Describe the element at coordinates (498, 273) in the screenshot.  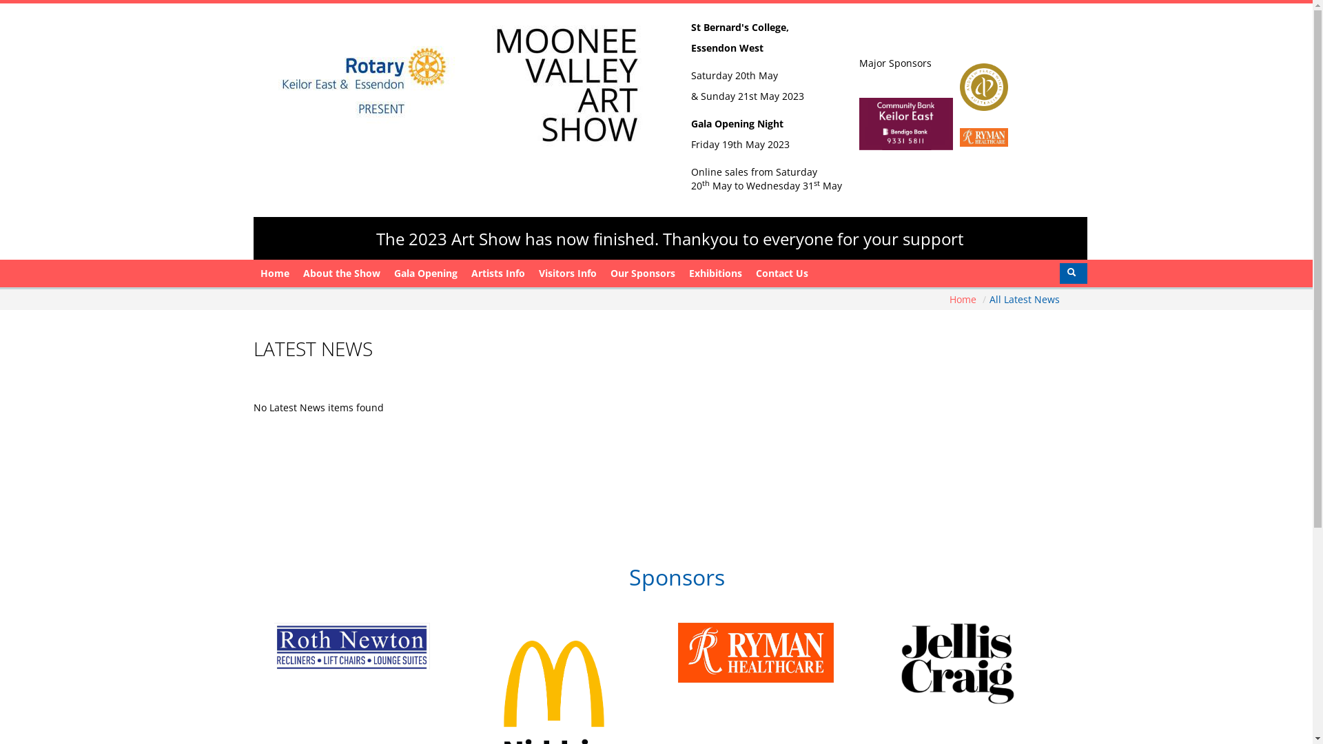
I see `'Artists Info'` at that location.